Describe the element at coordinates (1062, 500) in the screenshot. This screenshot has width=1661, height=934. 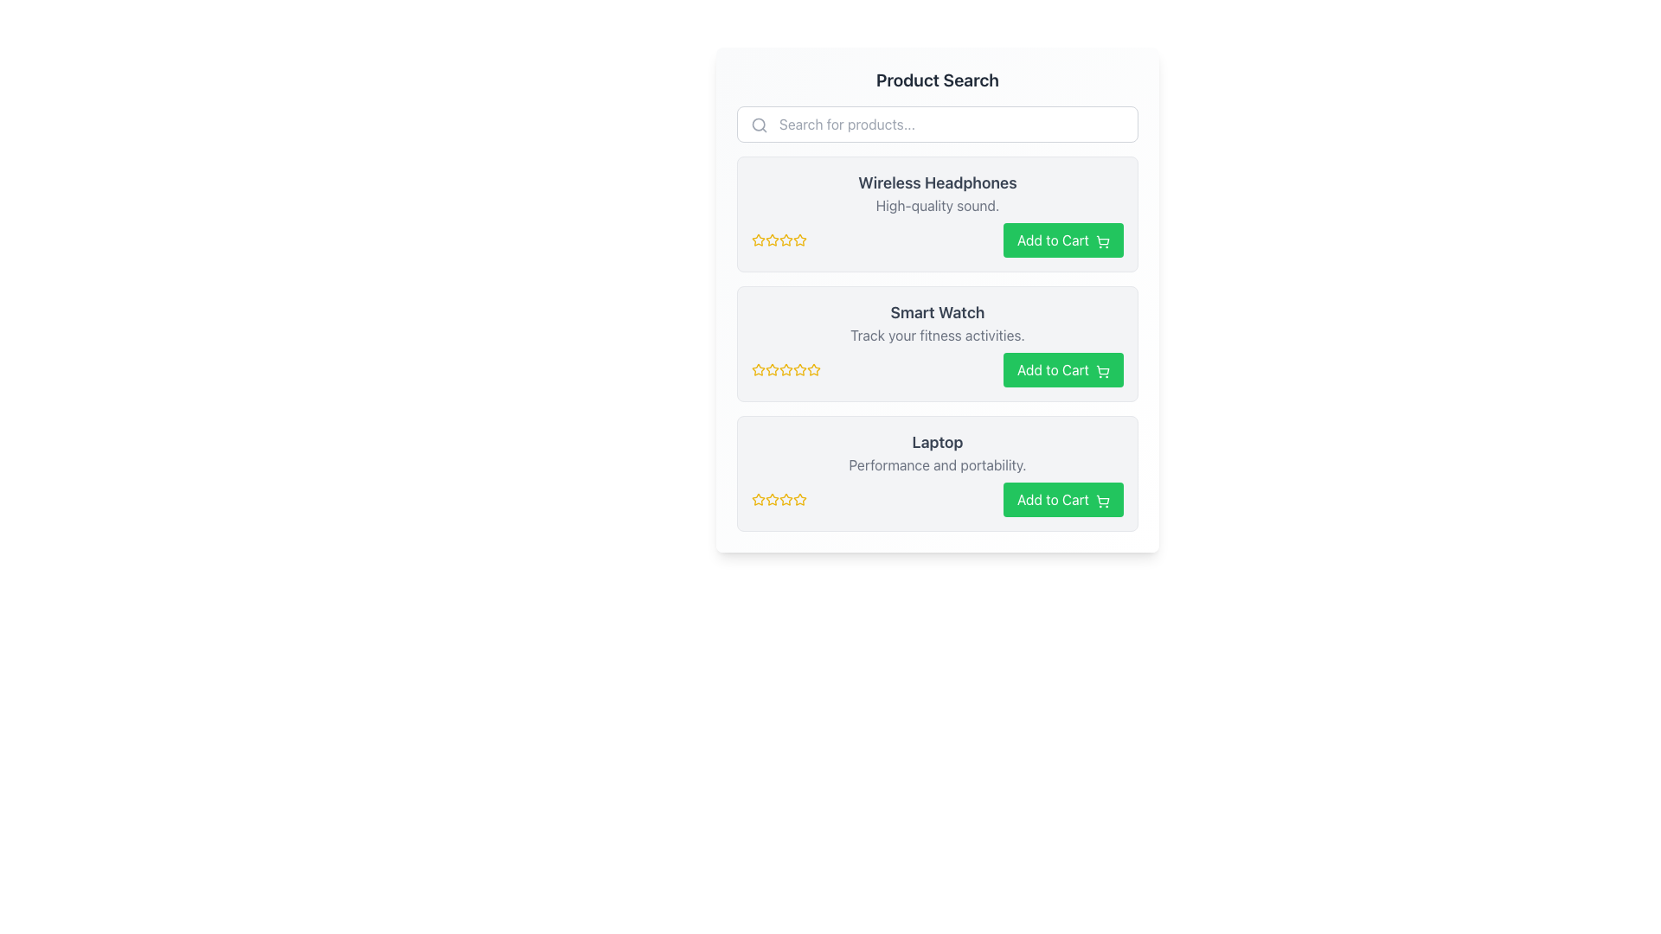
I see `the button located in the third product card from the top, aligned to the right side just below the yellow-star ratings` at that location.